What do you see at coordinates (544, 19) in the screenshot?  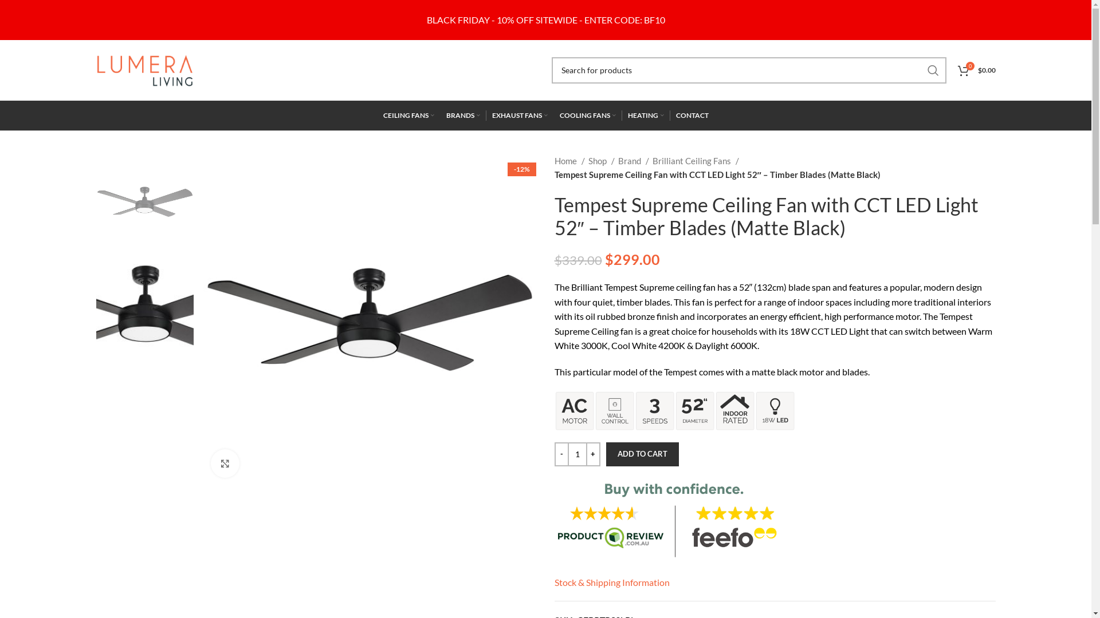 I see `'BLACK FRIDAY - 10% OFF SITEWIDE - ENTER CODE: BF10'` at bounding box center [544, 19].